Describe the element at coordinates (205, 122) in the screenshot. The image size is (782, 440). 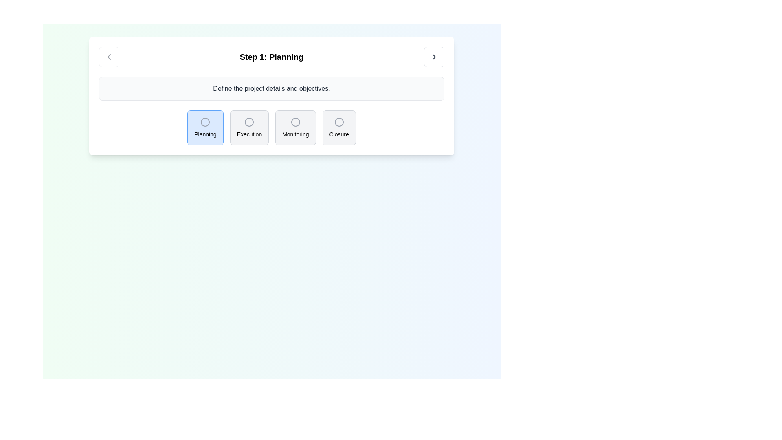
I see `the circular icon with a stroke outline that is centered within the button labeled 'Planning'` at that location.